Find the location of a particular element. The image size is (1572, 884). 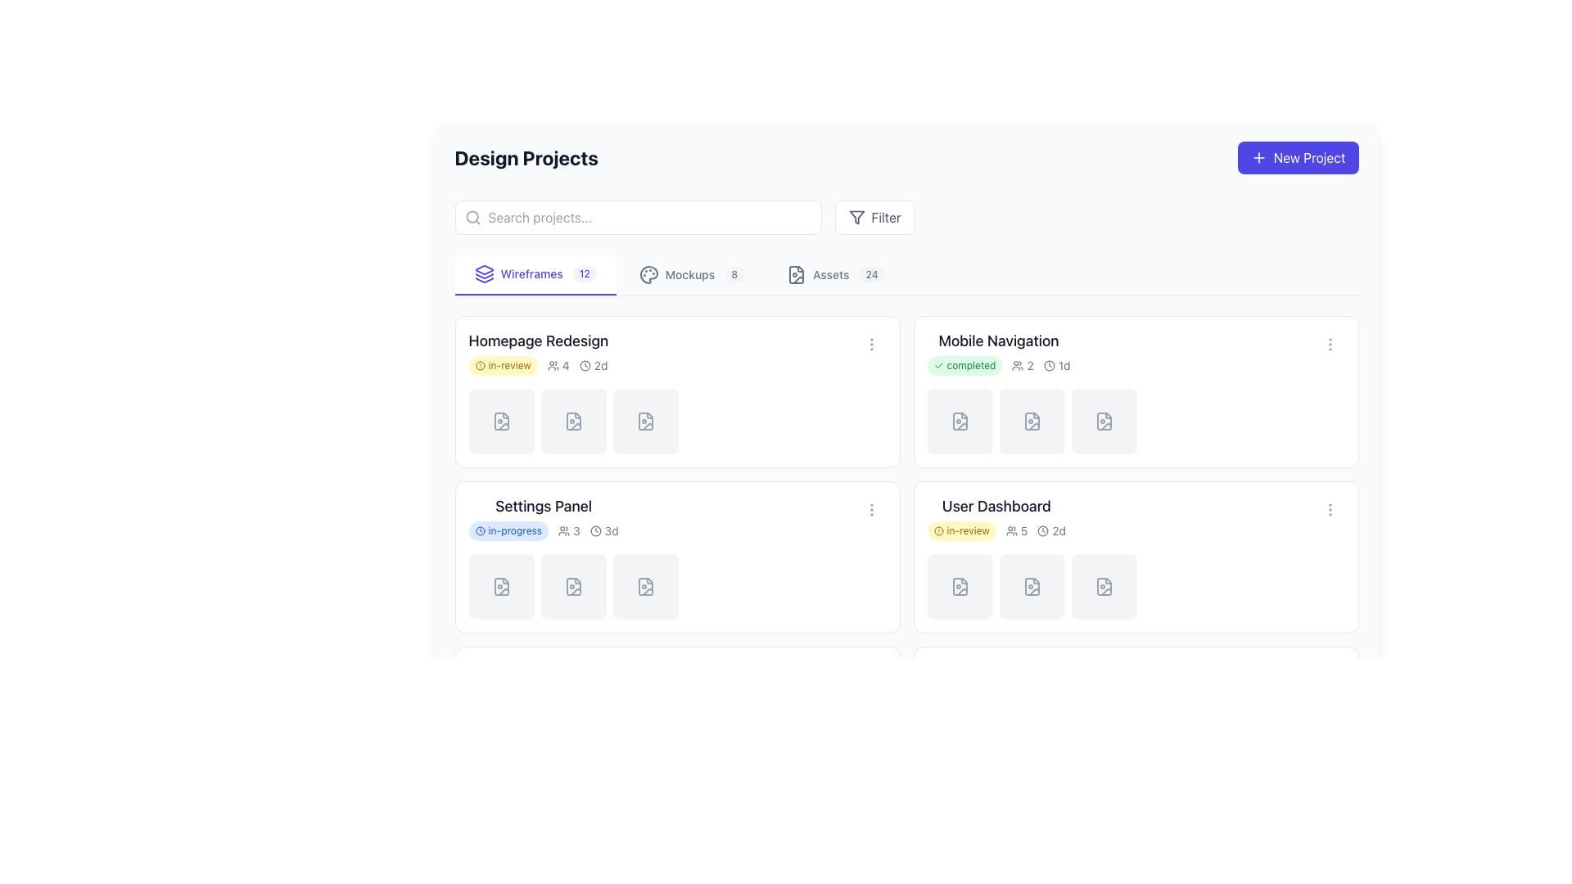

the search icon located on the left edge of the search input box, which signifies the search capability of the adjacent text input field is located at coordinates (472, 217).